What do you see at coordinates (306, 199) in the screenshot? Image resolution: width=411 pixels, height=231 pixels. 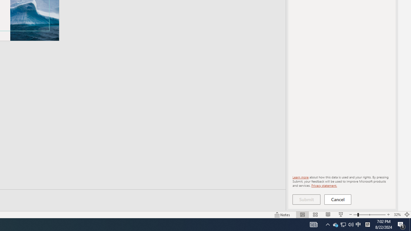 I see `'Submit'` at bounding box center [306, 199].